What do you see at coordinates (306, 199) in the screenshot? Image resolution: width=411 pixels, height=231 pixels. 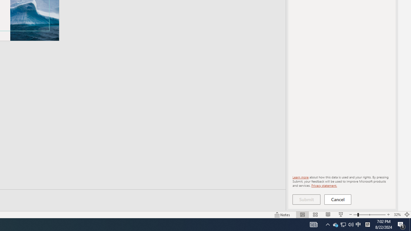 I see `'Submit'` at bounding box center [306, 199].